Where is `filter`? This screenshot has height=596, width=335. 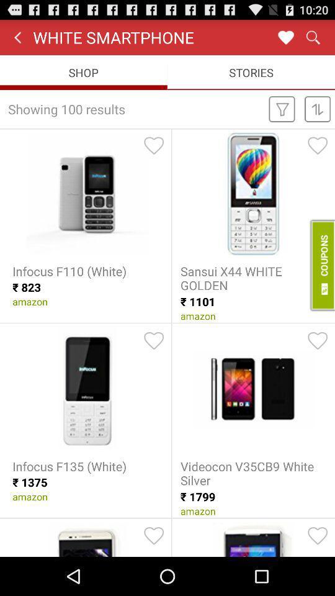 filter is located at coordinates (282, 108).